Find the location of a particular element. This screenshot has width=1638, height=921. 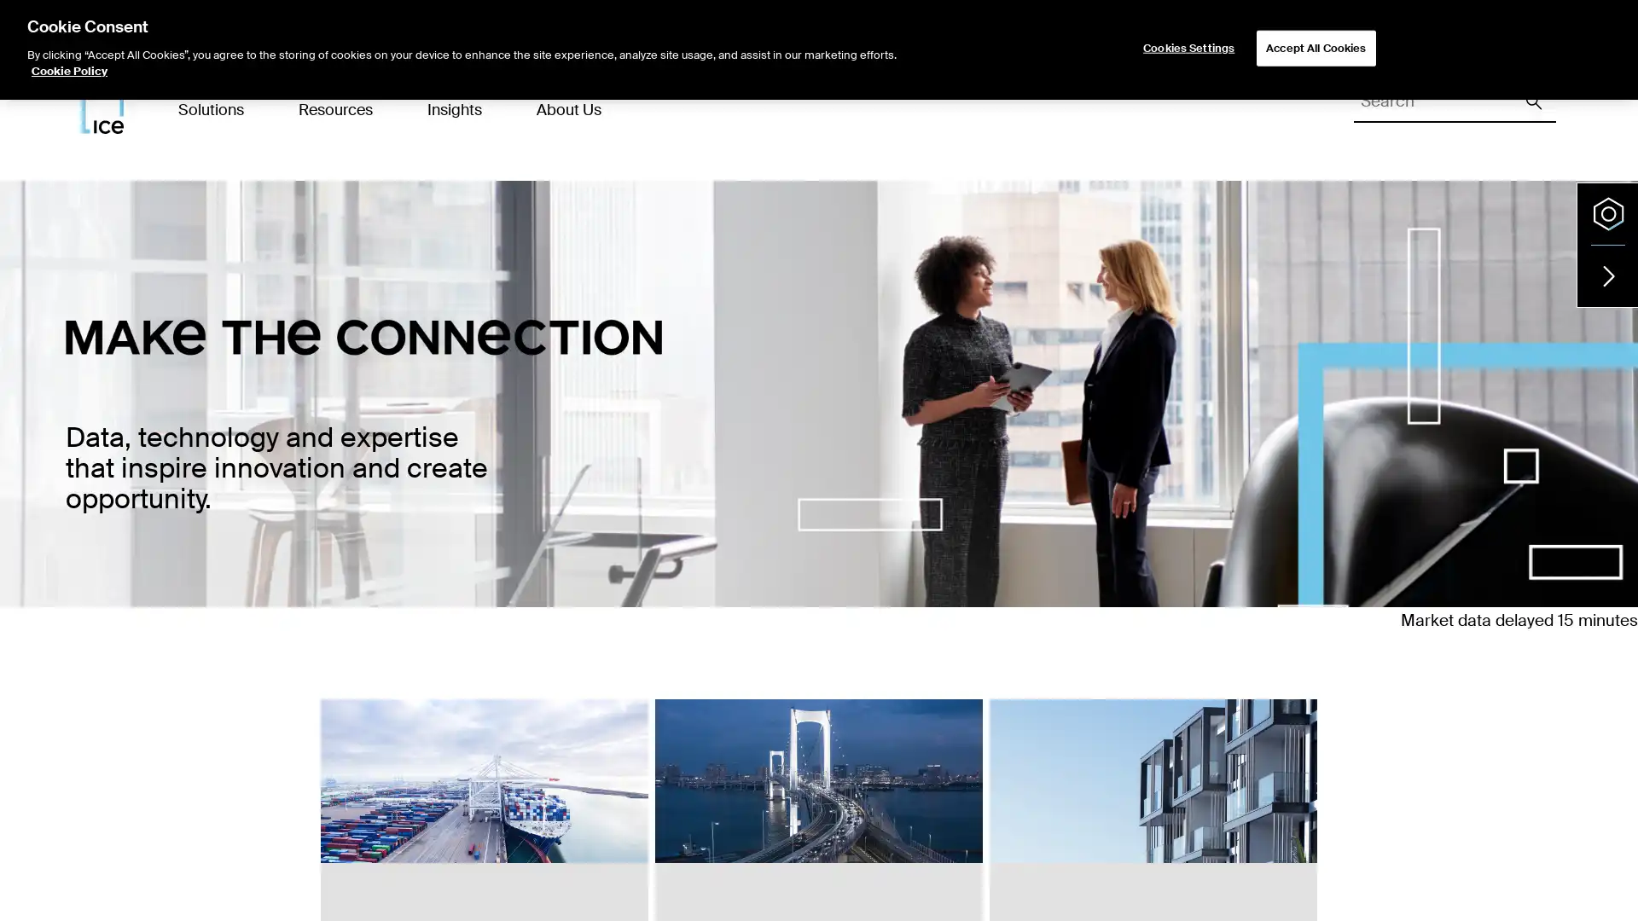

Solutions is located at coordinates (210, 112).